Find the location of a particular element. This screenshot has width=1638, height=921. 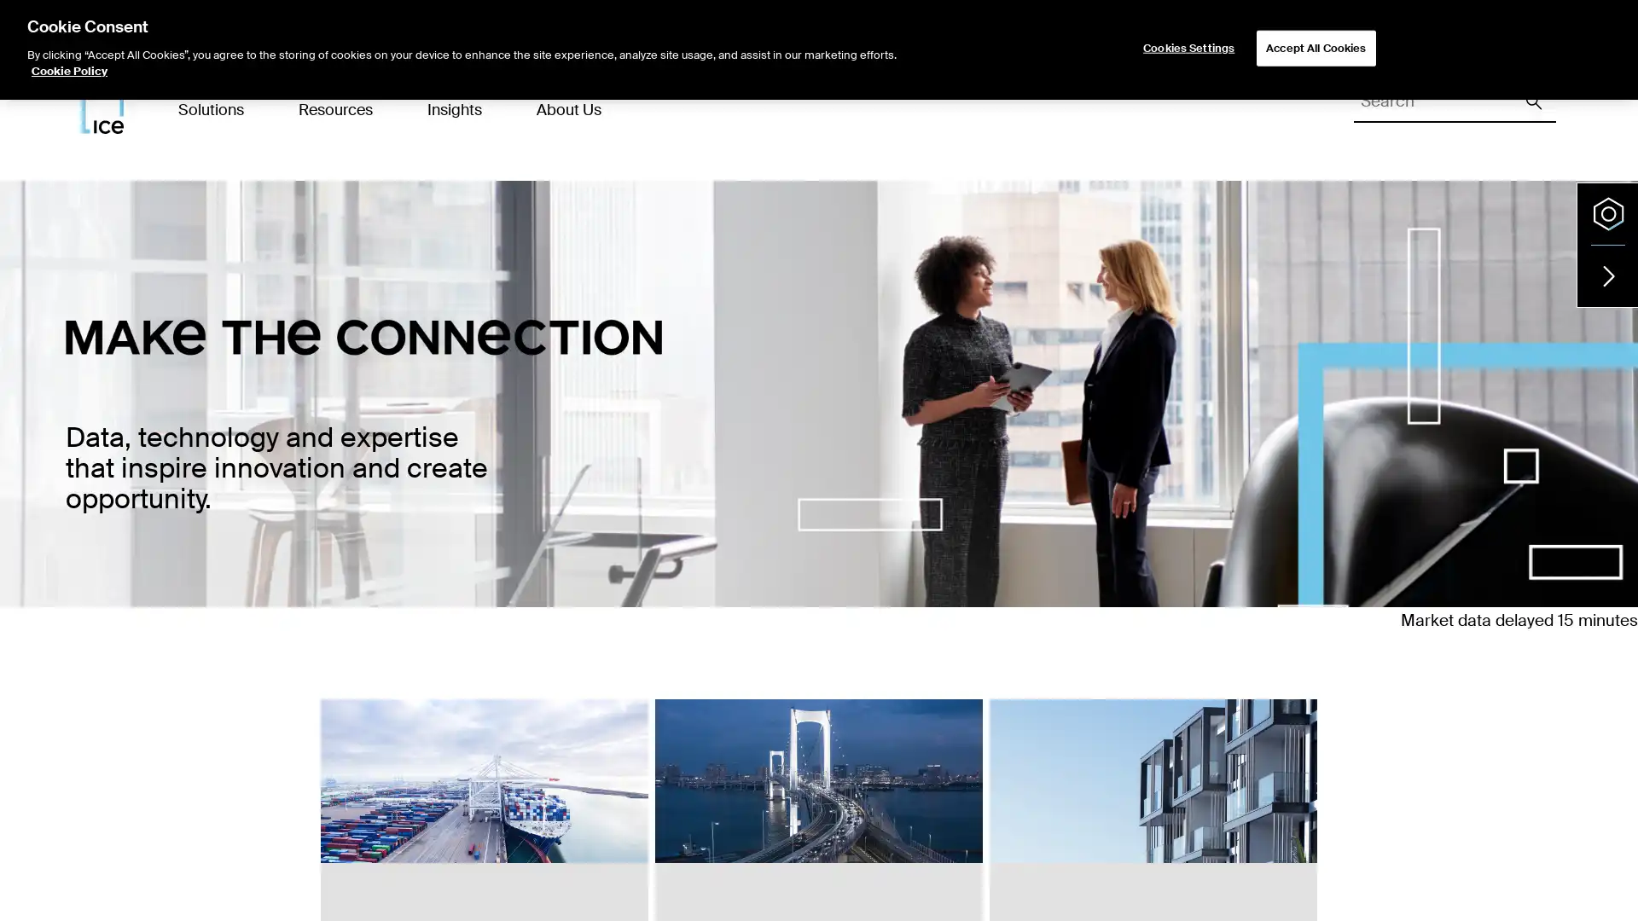

Solutions is located at coordinates (210, 112).